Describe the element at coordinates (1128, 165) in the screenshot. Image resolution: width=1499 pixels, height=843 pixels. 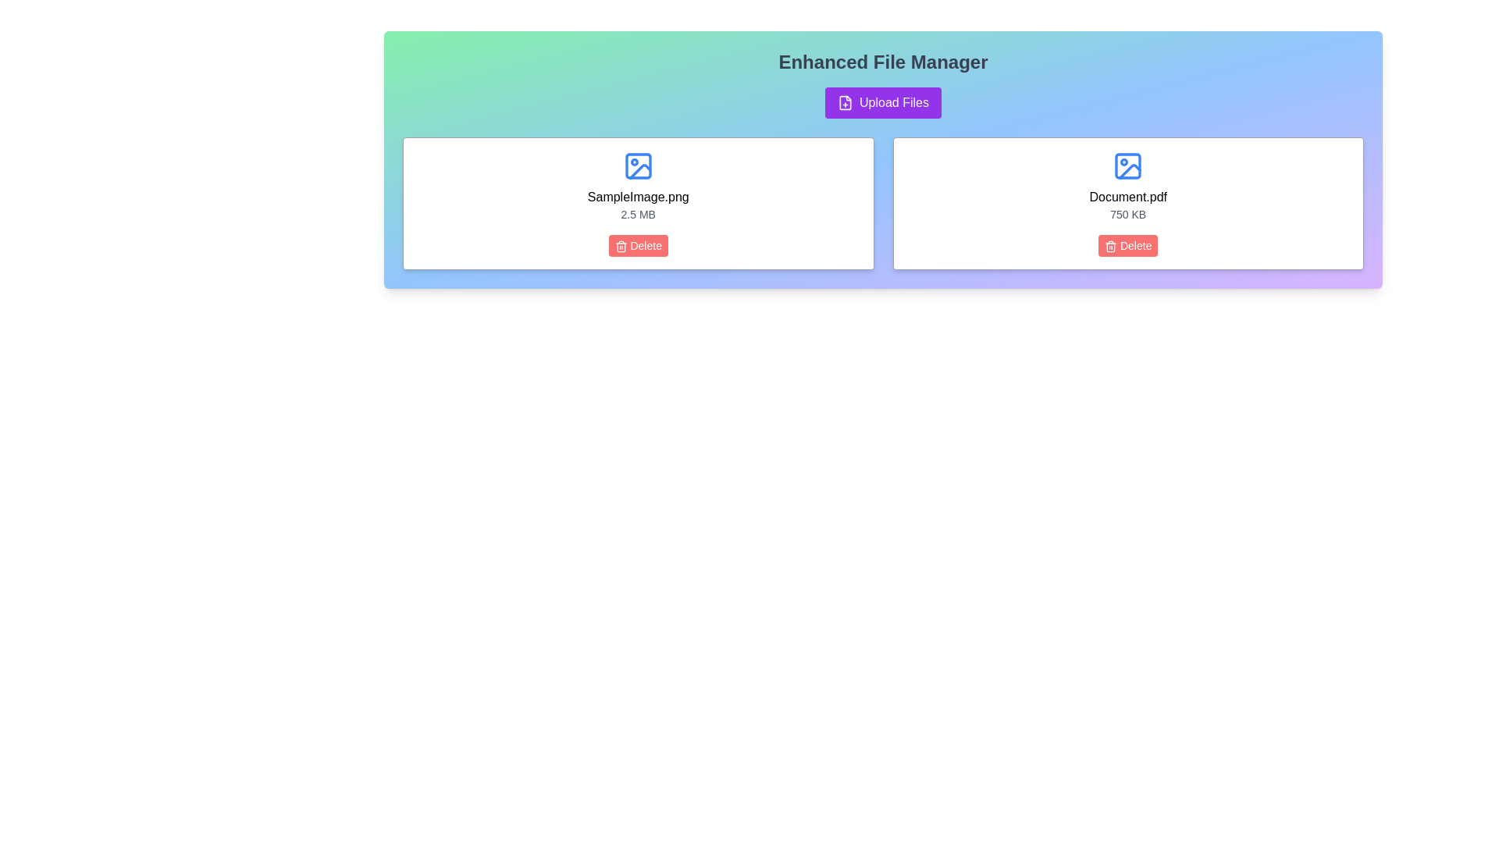
I see `the graphical component representing the area within the picture icon for the file labeled 'Document.pdf' located in the upper left corner of the image icon` at that location.